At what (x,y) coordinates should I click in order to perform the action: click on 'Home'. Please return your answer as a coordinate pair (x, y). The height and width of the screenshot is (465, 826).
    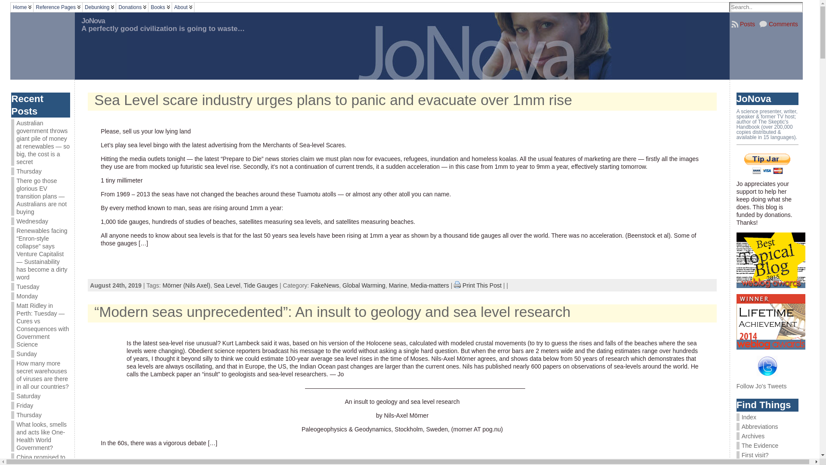
    Looking at the image, I should click on (22, 7).